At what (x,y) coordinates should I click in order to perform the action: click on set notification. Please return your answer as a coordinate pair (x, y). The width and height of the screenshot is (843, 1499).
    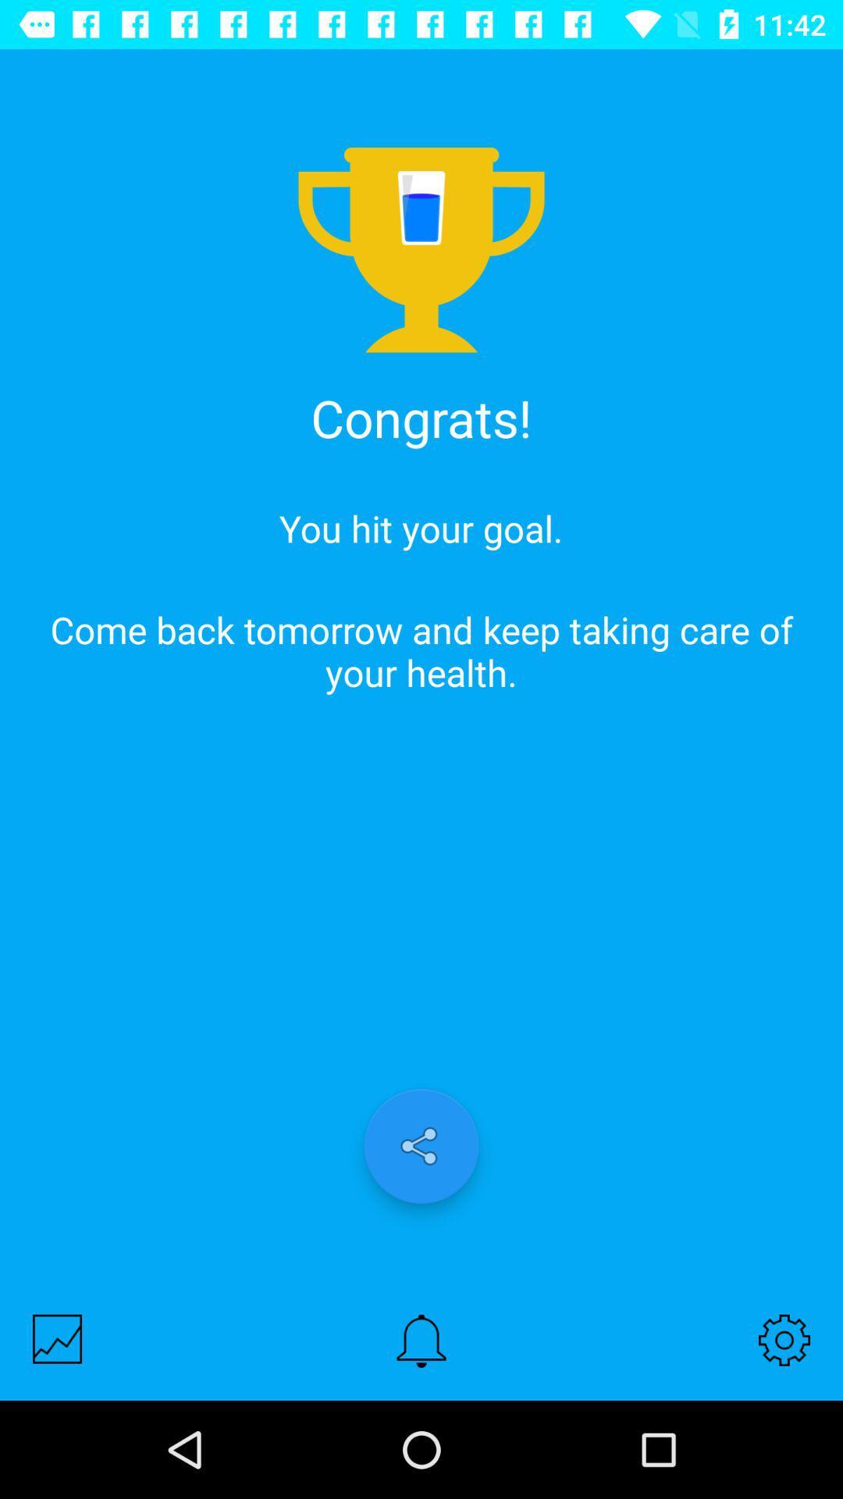
    Looking at the image, I should click on (421, 1340).